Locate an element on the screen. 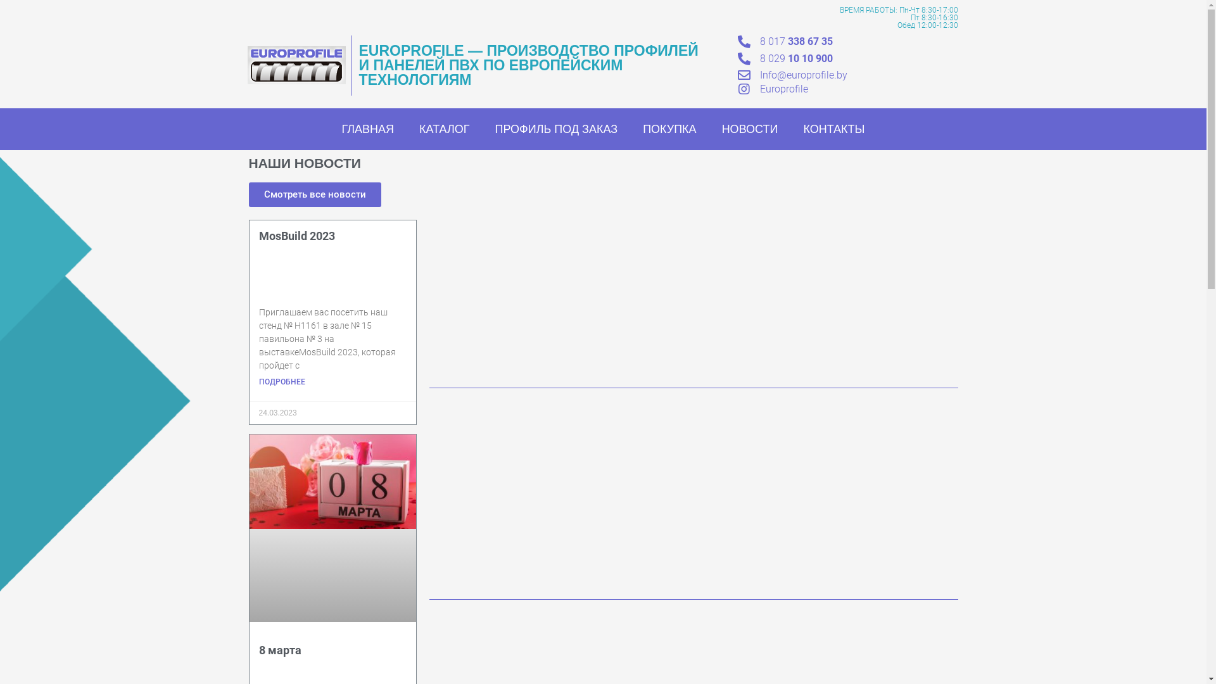  '8 029 10 10 900' is located at coordinates (795, 58).